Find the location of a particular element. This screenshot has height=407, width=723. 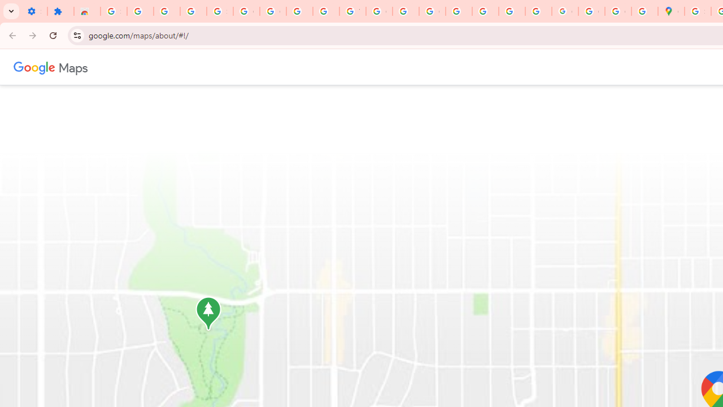

'https://scholar.google.com/' is located at coordinates (406, 11).